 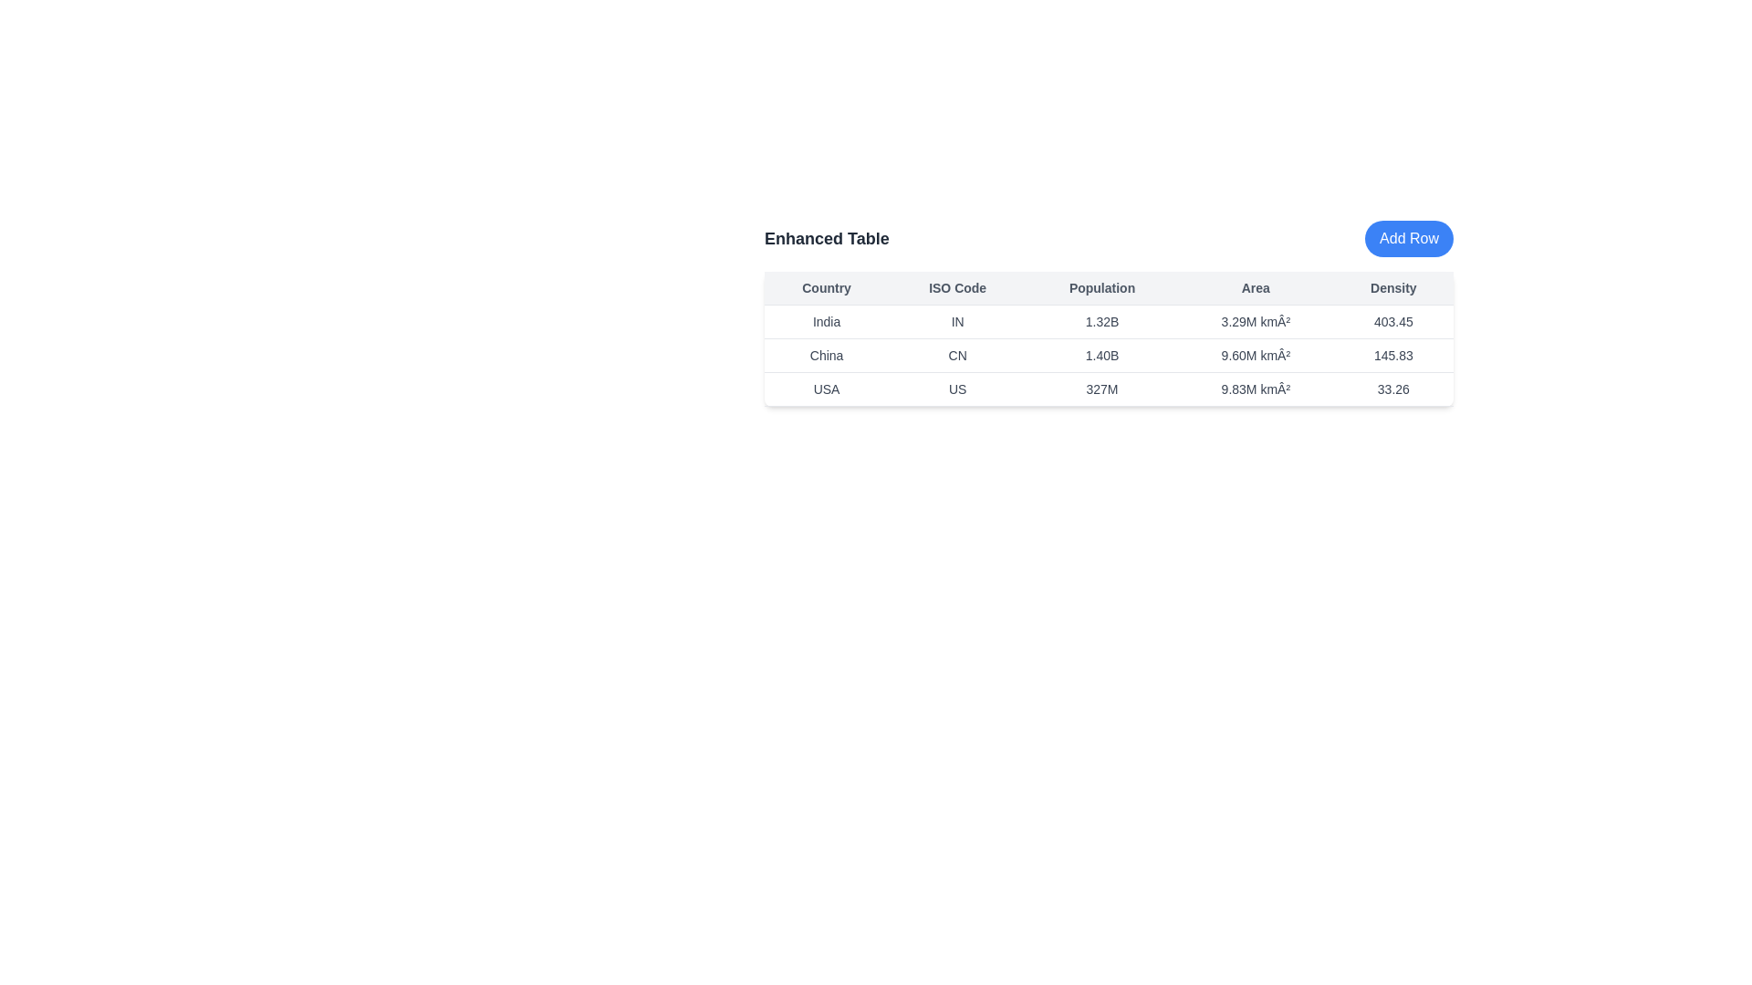 I want to click on the header label for the 'Area' column in the table, which is located in the fourth column, between 'Population' and 'Density', so click(x=1255, y=287).